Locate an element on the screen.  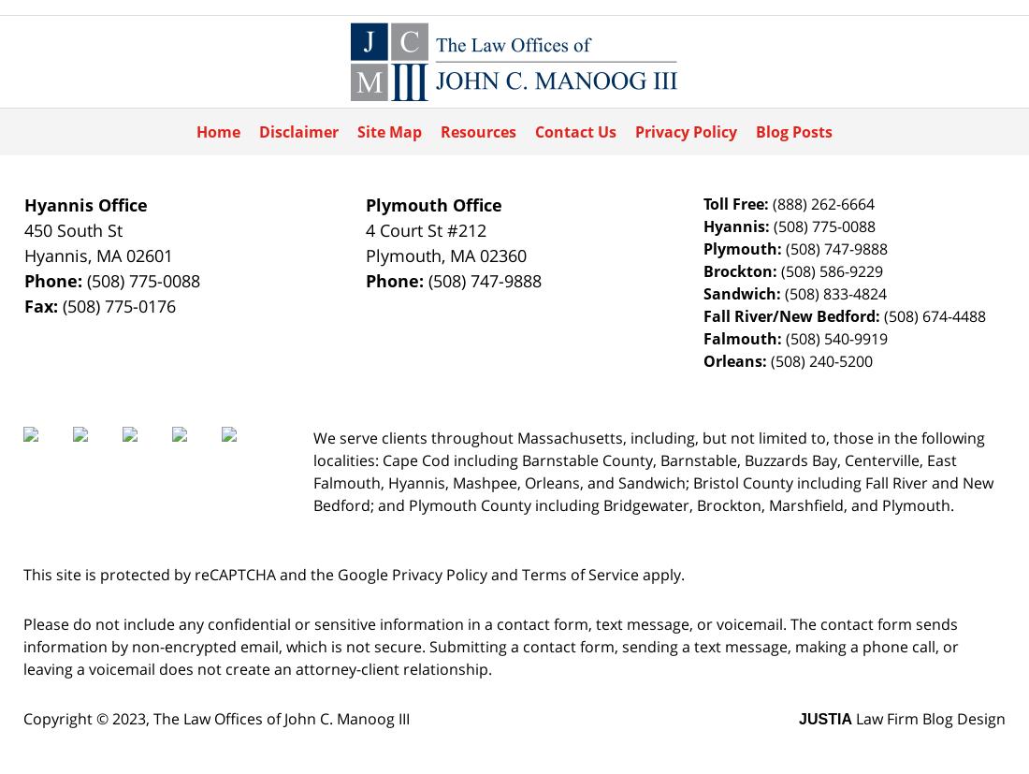
'This site is protected by reCAPTCHA and the Google' is located at coordinates (207, 573).